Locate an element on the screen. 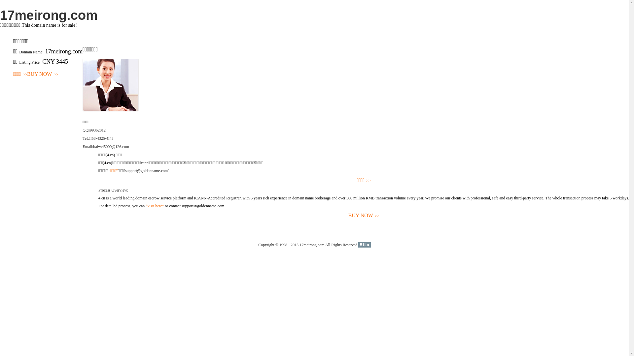  'BUY NOW>>' is located at coordinates (363, 216).